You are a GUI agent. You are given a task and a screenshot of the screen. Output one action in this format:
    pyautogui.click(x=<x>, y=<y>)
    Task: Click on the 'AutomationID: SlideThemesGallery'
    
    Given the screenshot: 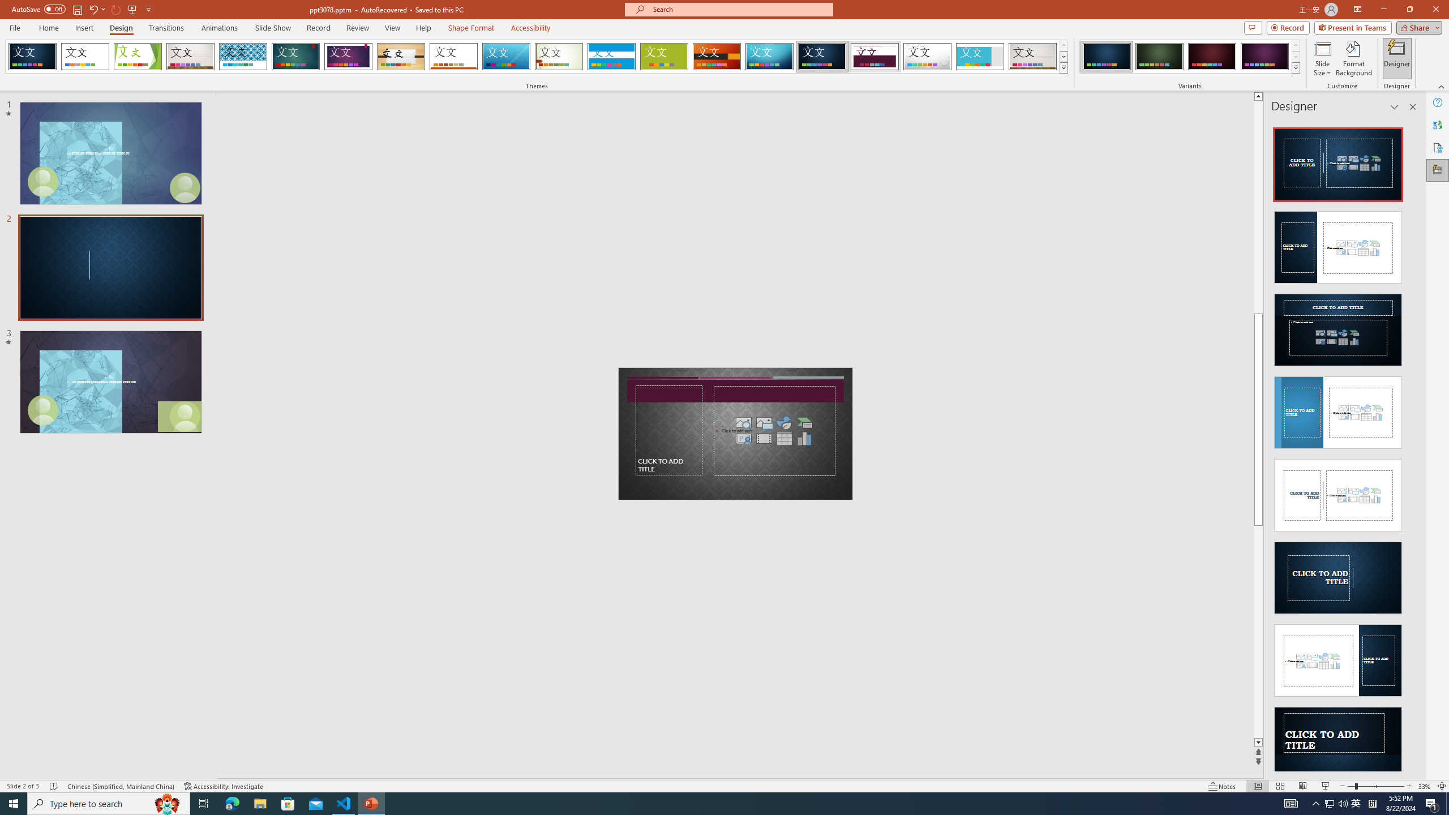 What is the action you would take?
    pyautogui.click(x=536, y=56)
    